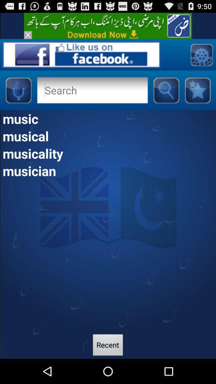 The width and height of the screenshot is (216, 384). What do you see at coordinates (108, 346) in the screenshot?
I see `recent` at bounding box center [108, 346].